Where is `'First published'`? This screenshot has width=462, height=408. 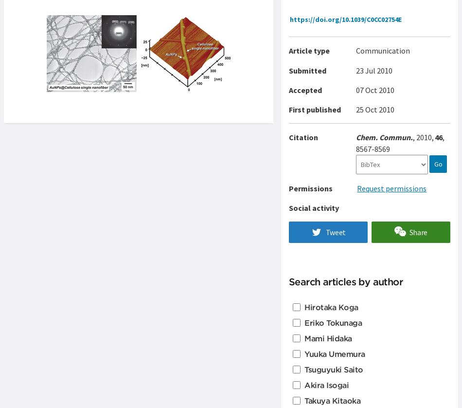
'First published' is located at coordinates (315, 109).